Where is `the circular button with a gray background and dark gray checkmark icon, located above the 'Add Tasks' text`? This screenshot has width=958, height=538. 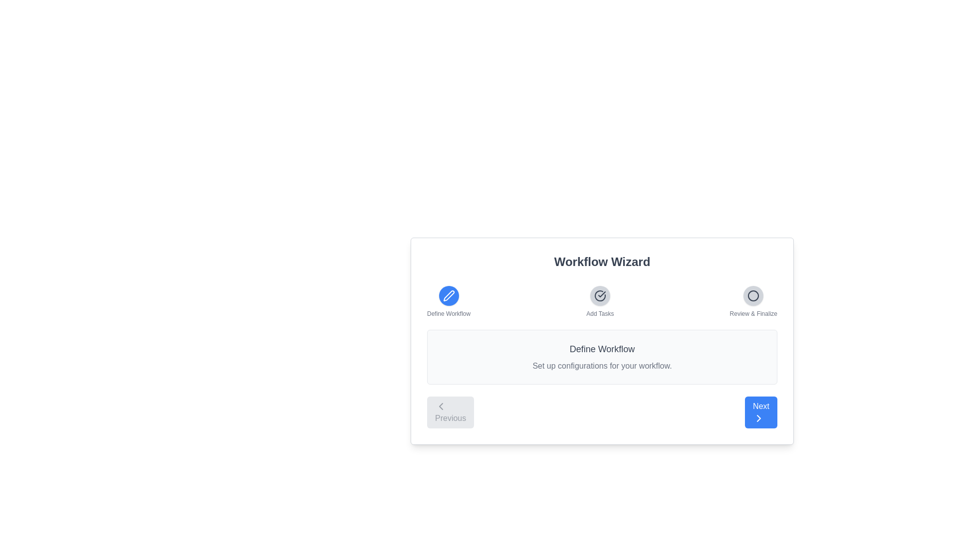 the circular button with a gray background and dark gray checkmark icon, located above the 'Add Tasks' text is located at coordinates (599, 295).